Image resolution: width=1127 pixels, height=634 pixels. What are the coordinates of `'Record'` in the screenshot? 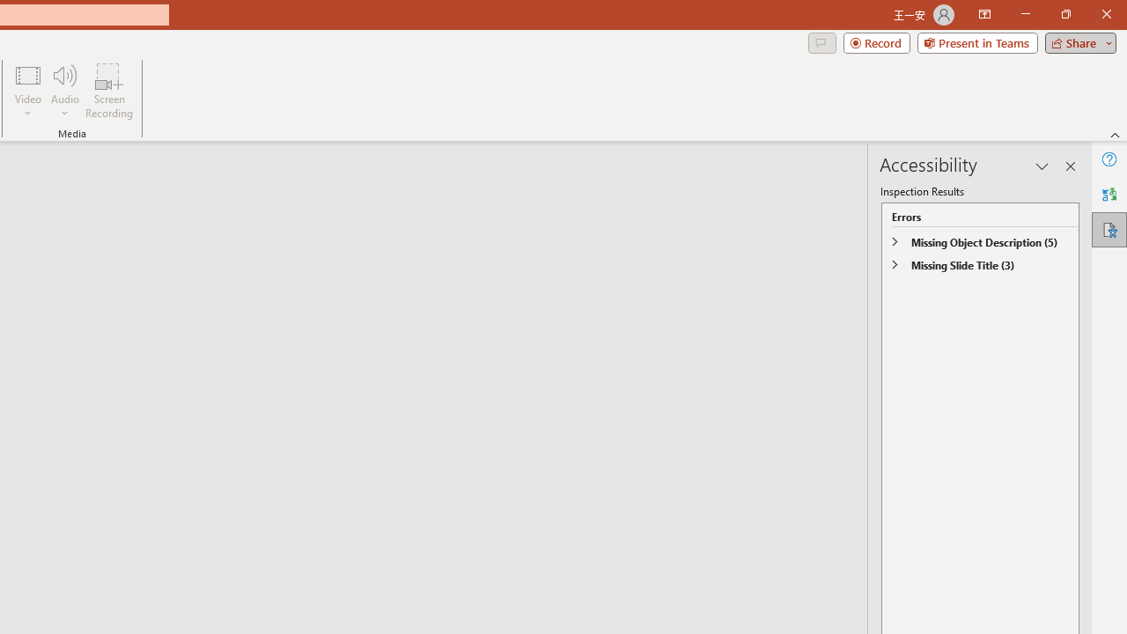 It's located at (876, 41).